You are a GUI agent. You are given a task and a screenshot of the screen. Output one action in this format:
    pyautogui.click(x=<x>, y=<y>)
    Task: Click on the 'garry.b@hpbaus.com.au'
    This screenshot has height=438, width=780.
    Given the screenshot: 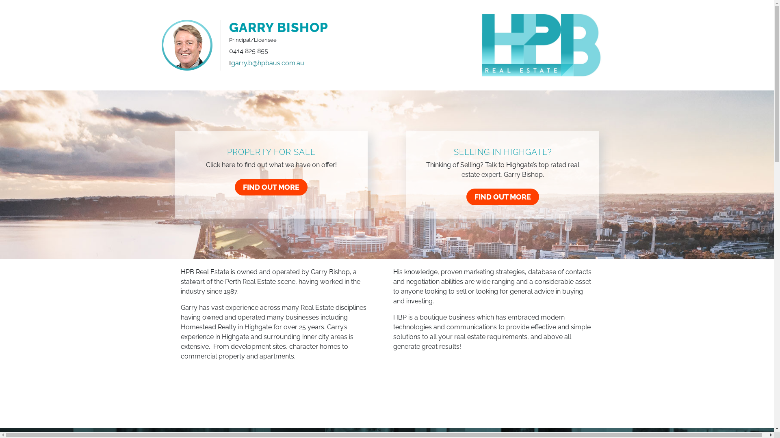 What is the action you would take?
    pyautogui.click(x=267, y=62)
    